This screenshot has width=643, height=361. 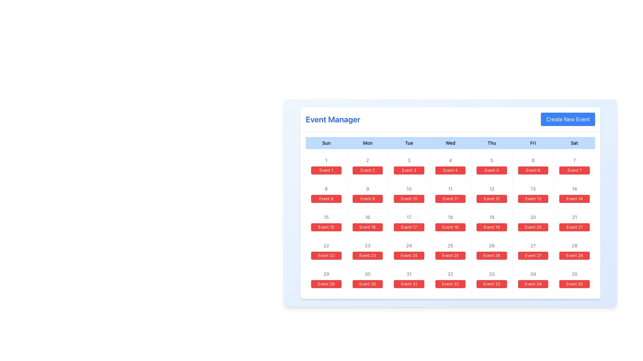 What do you see at coordinates (367, 284) in the screenshot?
I see `the button labeled 'Event 30' located in the last row under the column labeled '30' in the calendar grid` at bounding box center [367, 284].